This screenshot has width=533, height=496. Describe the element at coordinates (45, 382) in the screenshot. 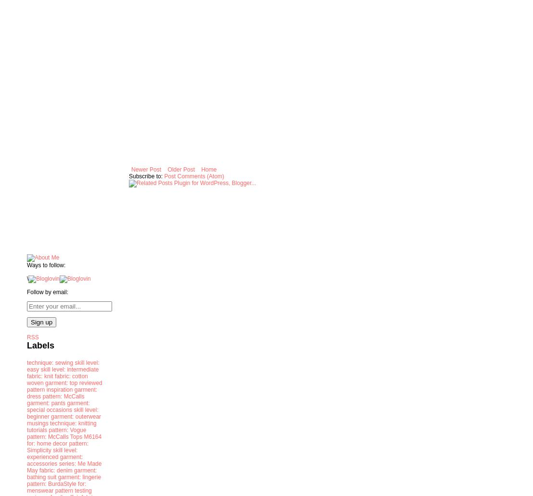

I see `'garment: top'` at that location.